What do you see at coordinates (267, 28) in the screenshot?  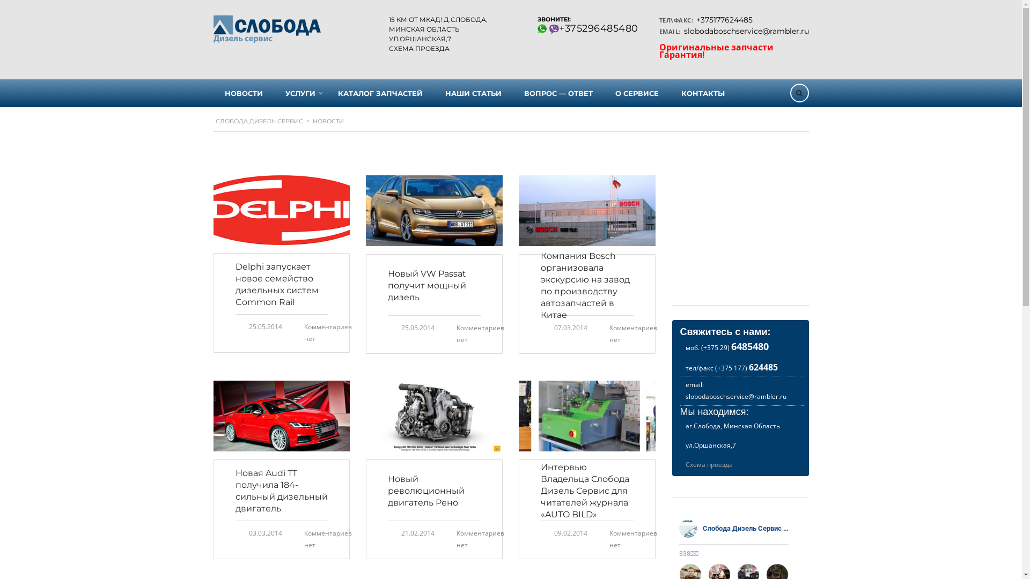 I see `'Home'` at bounding box center [267, 28].